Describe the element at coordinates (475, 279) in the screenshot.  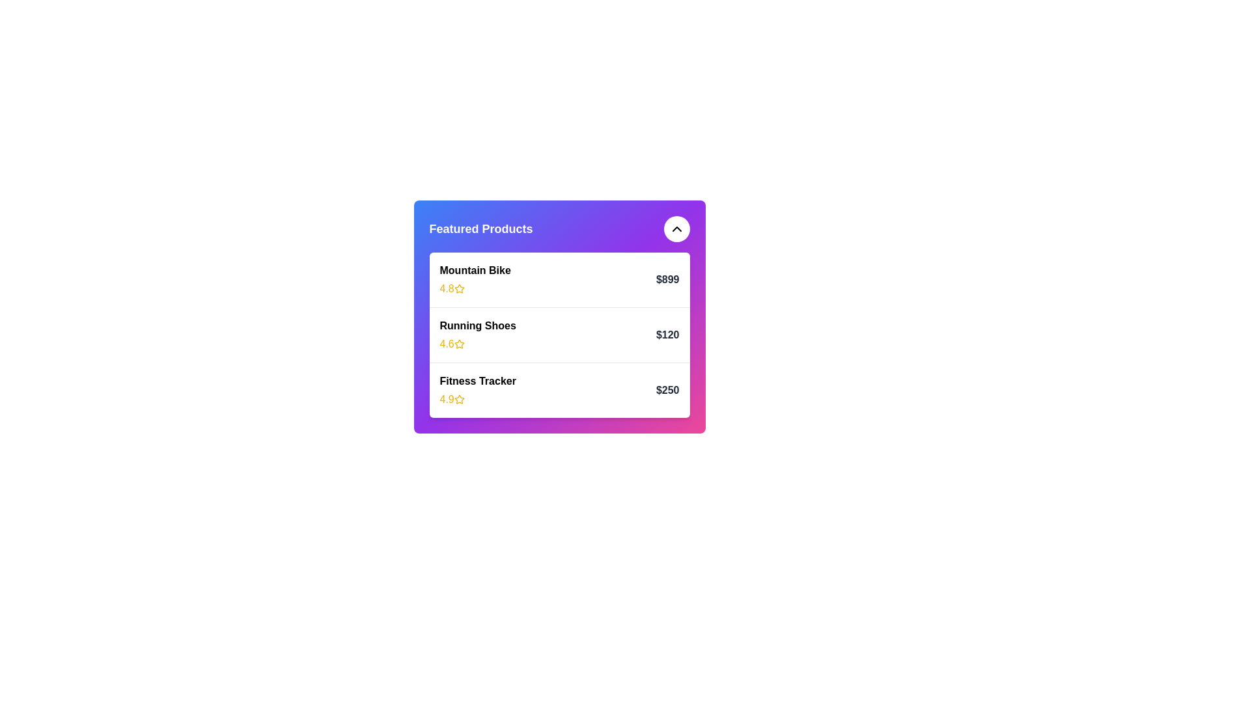
I see `'Mountain Bike' text element with a star rating of '4.8' located in the 'Featured Products' section` at that location.